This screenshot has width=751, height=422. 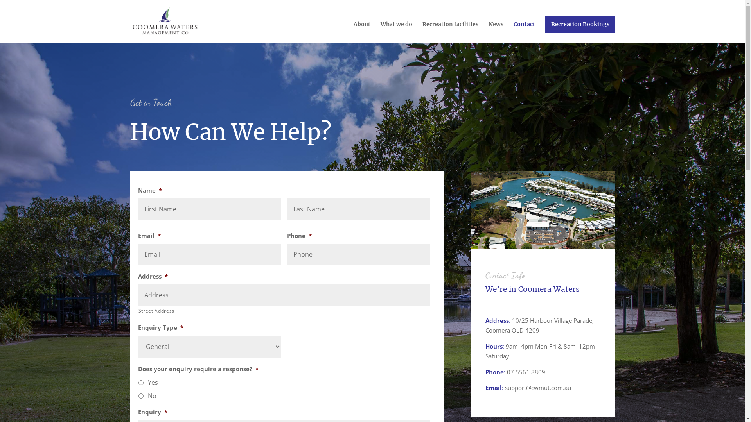 What do you see at coordinates (361, 31) in the screenshot?
I see `'About'` at bounding box center [361, 31].